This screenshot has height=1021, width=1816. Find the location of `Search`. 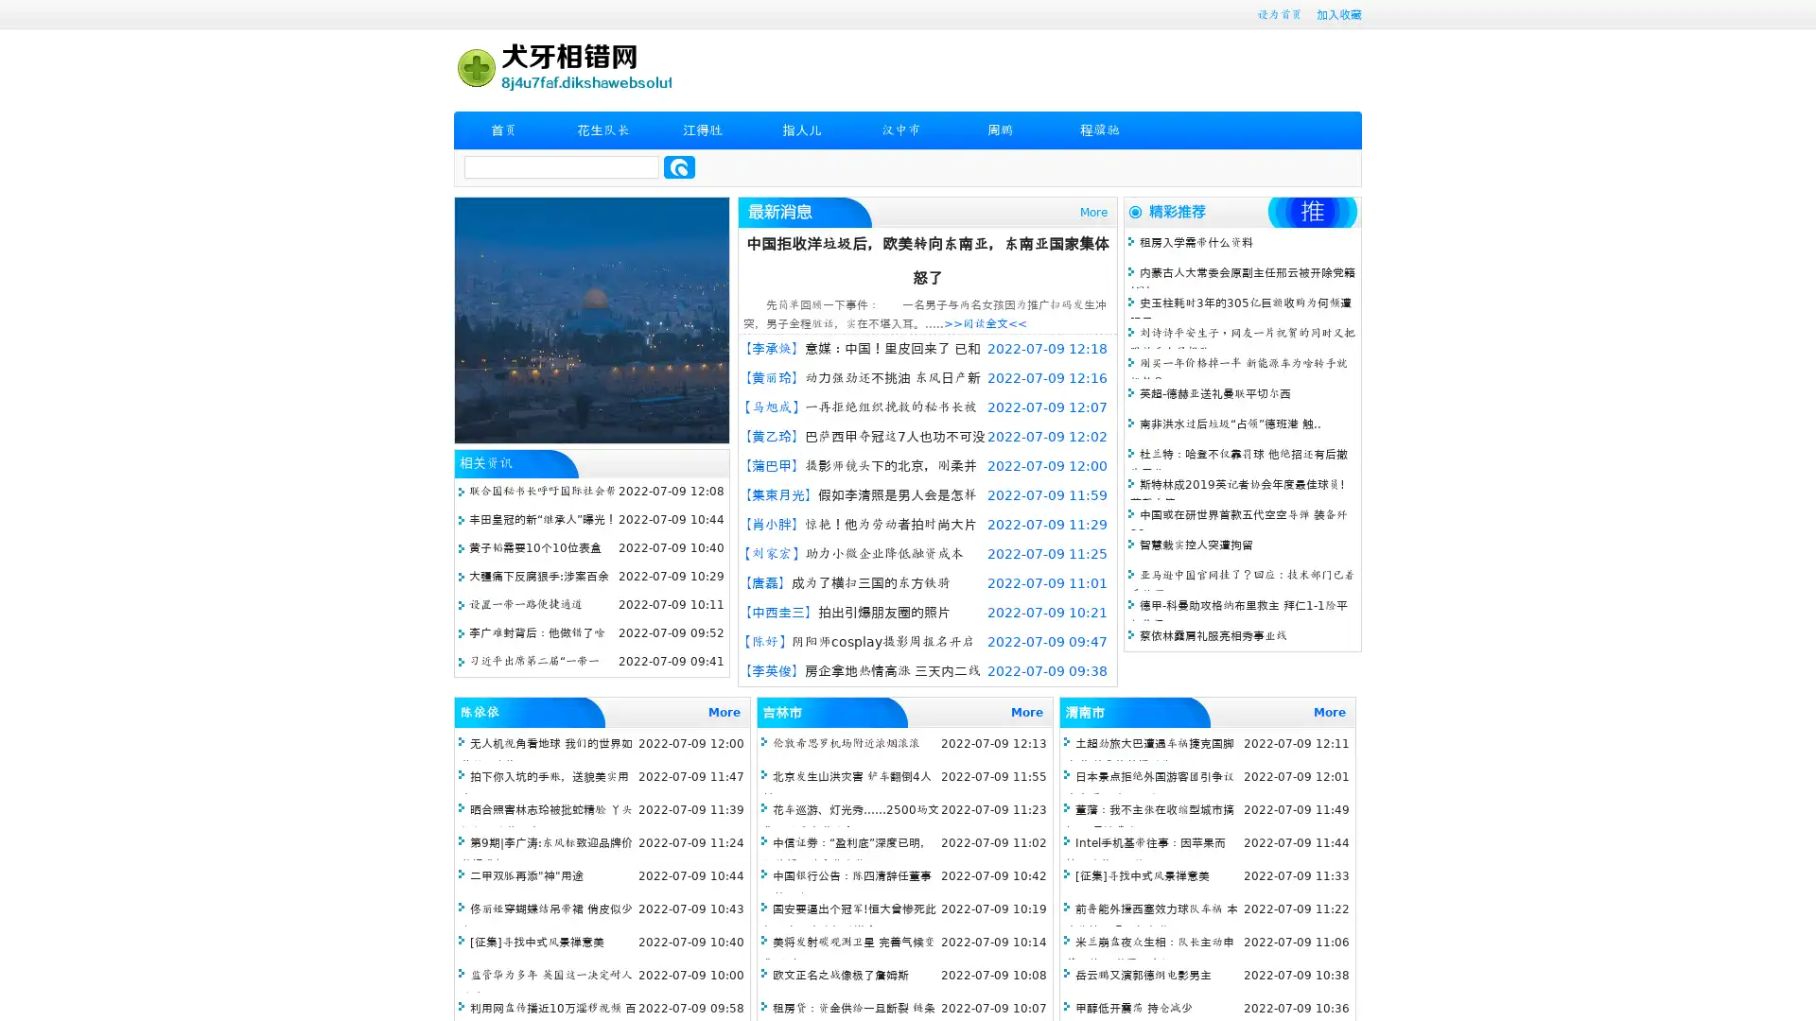

Search is located at coordinates (679, 166).